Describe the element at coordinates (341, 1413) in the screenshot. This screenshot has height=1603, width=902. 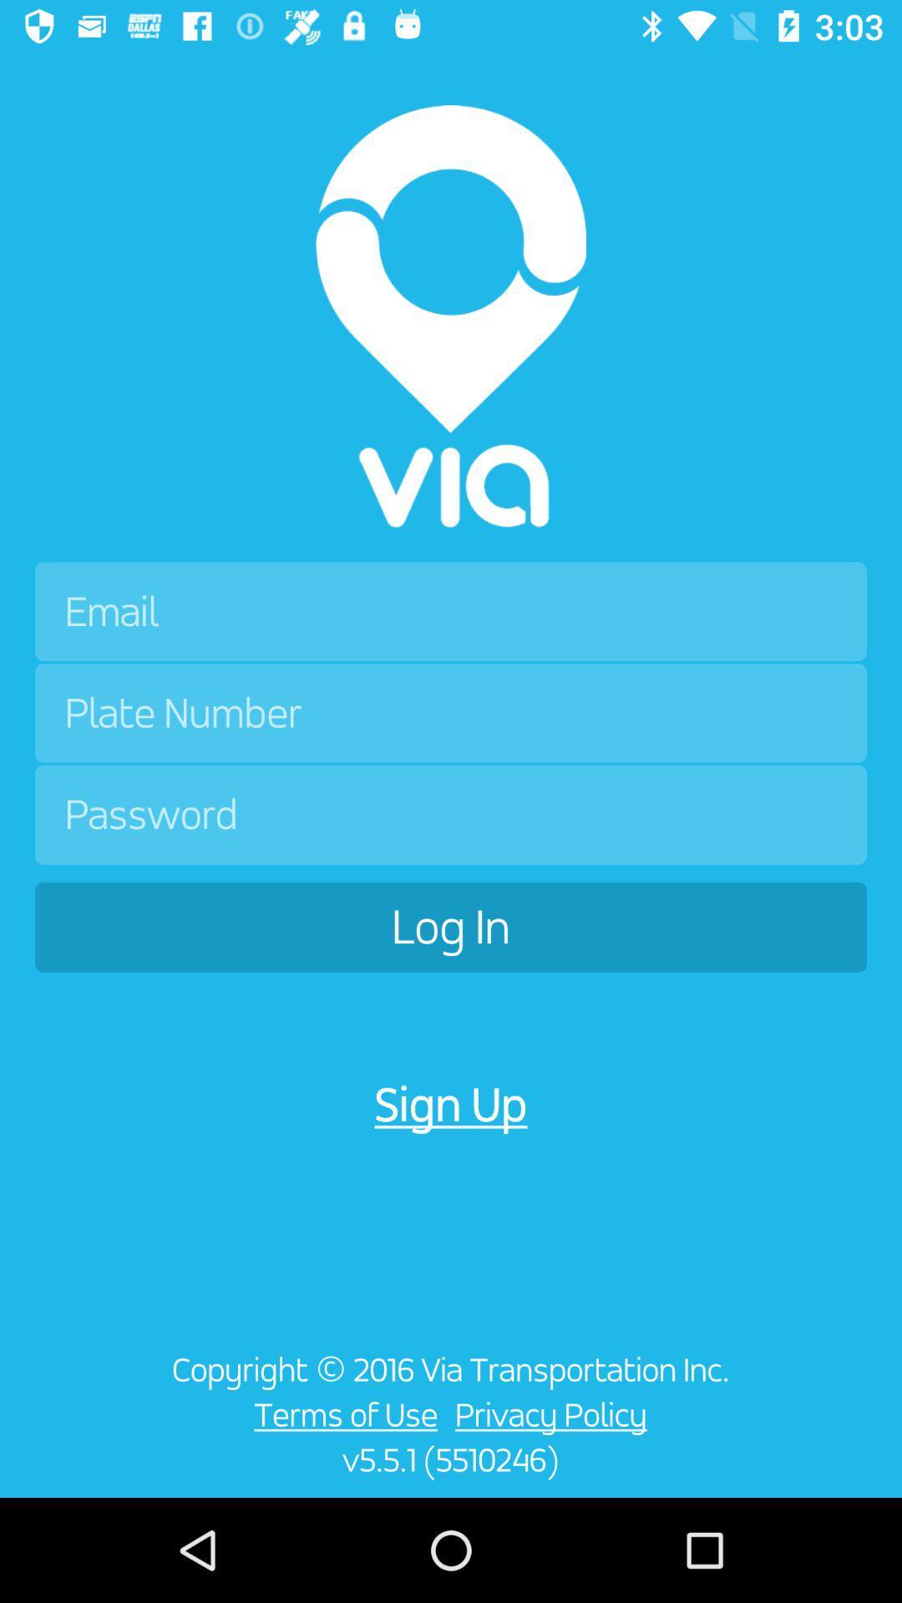
I see `the icon to the left of privacy policy icon` at that location.